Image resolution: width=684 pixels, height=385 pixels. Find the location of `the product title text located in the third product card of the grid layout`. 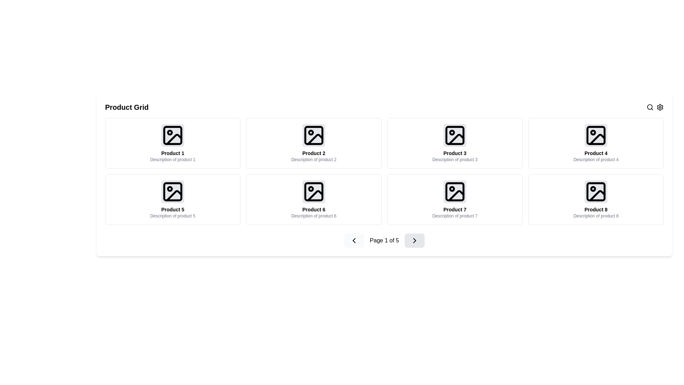

the product title text located in the third product card of the grid layout is located at coordinates (454, 153).